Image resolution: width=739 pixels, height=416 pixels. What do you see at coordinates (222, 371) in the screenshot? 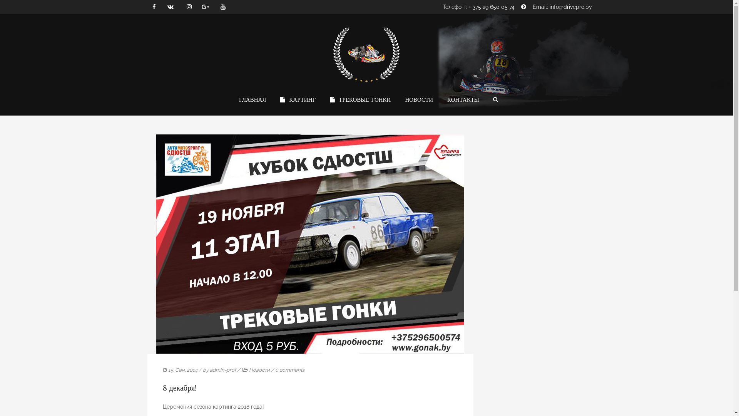
I see `'admin-prof'` at bounding box center [222, 371].